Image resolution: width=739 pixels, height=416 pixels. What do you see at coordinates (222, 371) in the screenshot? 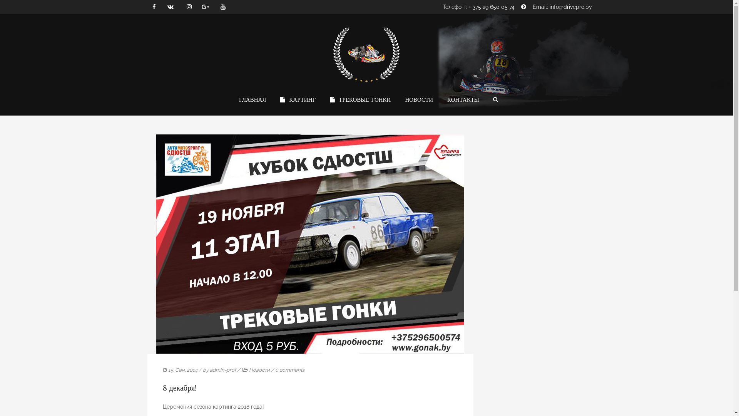
I see `'admin-prof'` at bounding box center [222, 371].